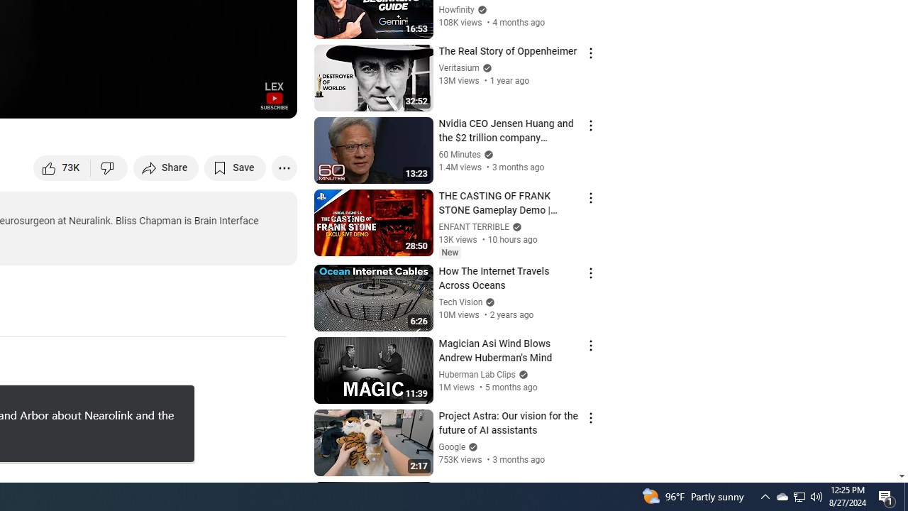 The image size is (908, 511). What do you see at coordinates (271, 100) in the screenshot?
I see `'Full screen (f)'` at bounding box center [271, 100].